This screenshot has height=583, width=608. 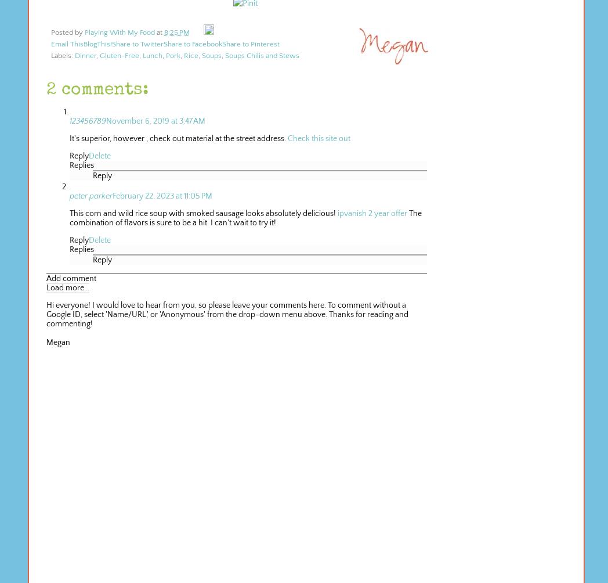 What do you see at coordinates (155, 121) in the screenshot?
I see `'November 6, 2019 at 3:47 AM'` at bounding box center [155, 121].